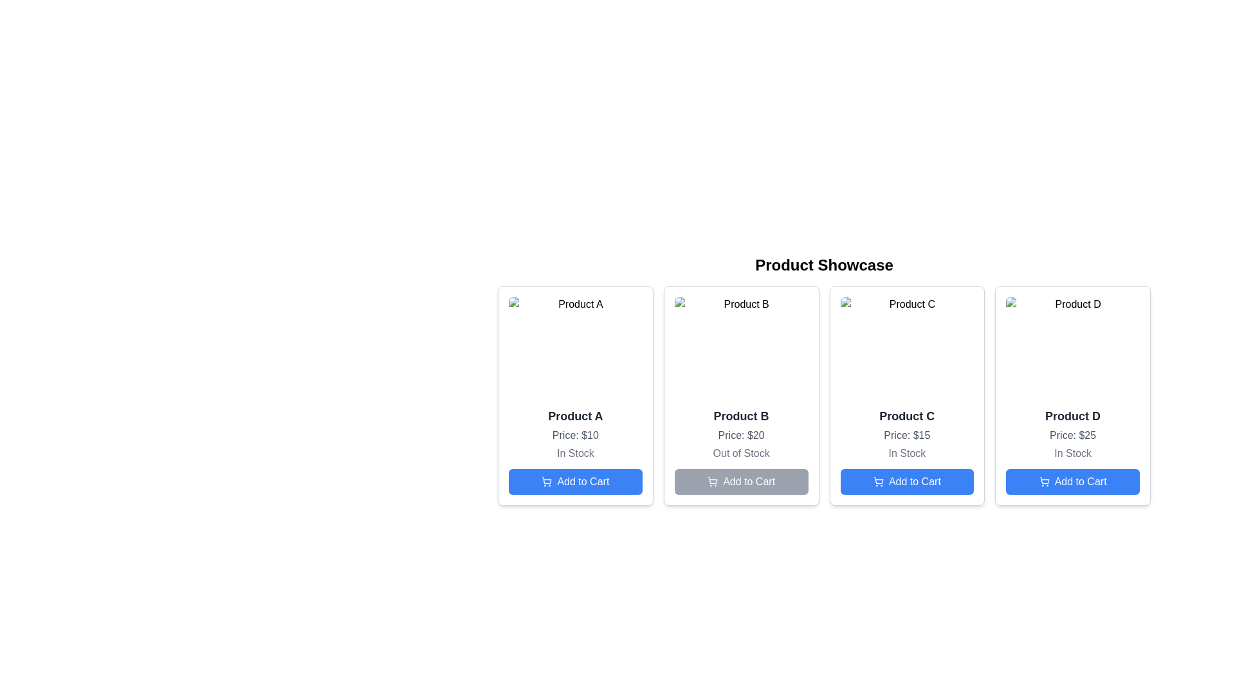 This screenshot has width=1235, height=694. I want to click on the cart icon located within the 'Add to Cart' button for 'Product C' in the third column of the product showcase grid, so click(877, 481).